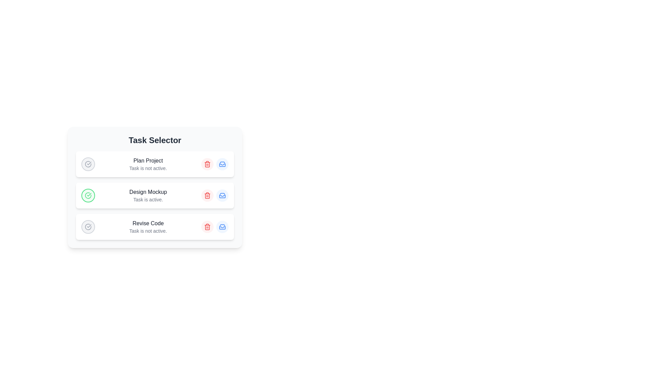 This screenshot has width=654, height=368. I want to click on the Status Indicator Icon located to the left of the 'Design Mockup' label in the second row of the task list to interact with it, so click(88, 196).